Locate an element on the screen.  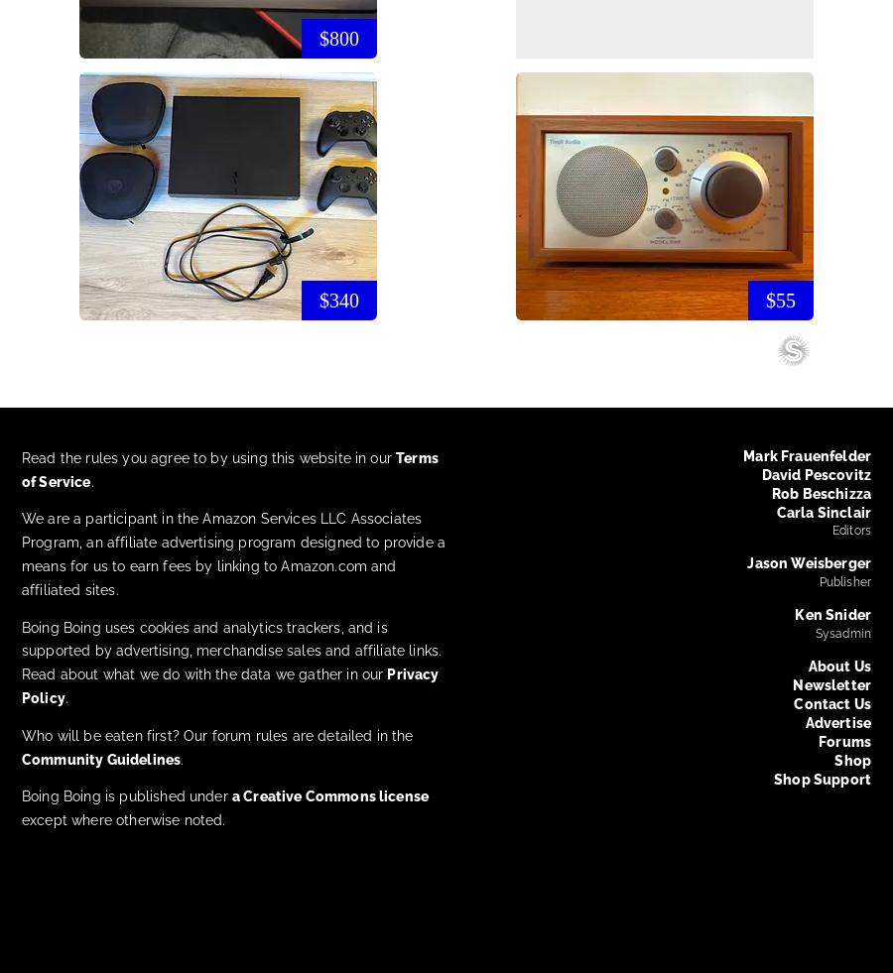
'$800' is located at coordinates (319, 36).